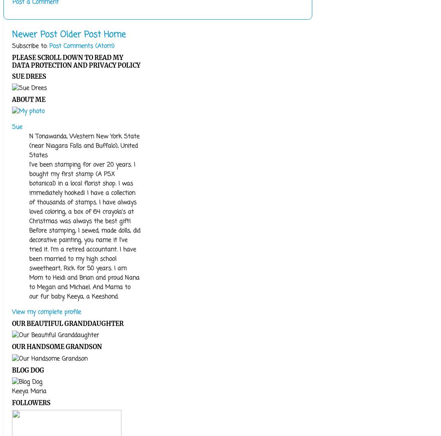 The width and height of the screenshot is (441, 436). What do you see at coordinates (46, 311) in the screenshot?
I see `'View my complete profile'` at bounding box center [46, 311].